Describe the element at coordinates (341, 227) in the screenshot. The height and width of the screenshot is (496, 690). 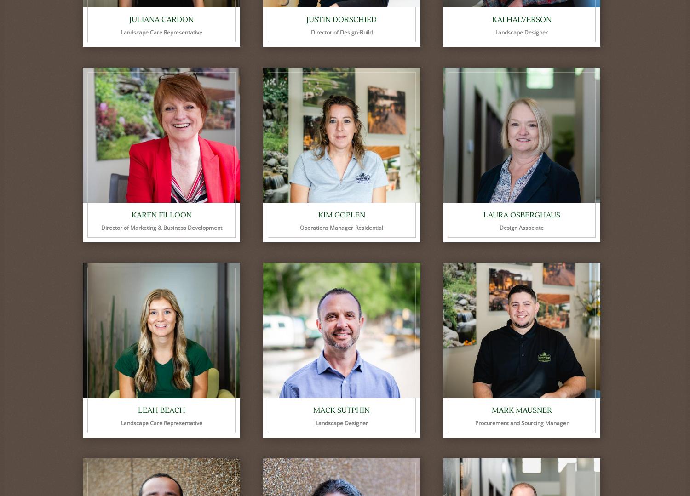
I see `'Operations  Manager-Residential'` at that location.